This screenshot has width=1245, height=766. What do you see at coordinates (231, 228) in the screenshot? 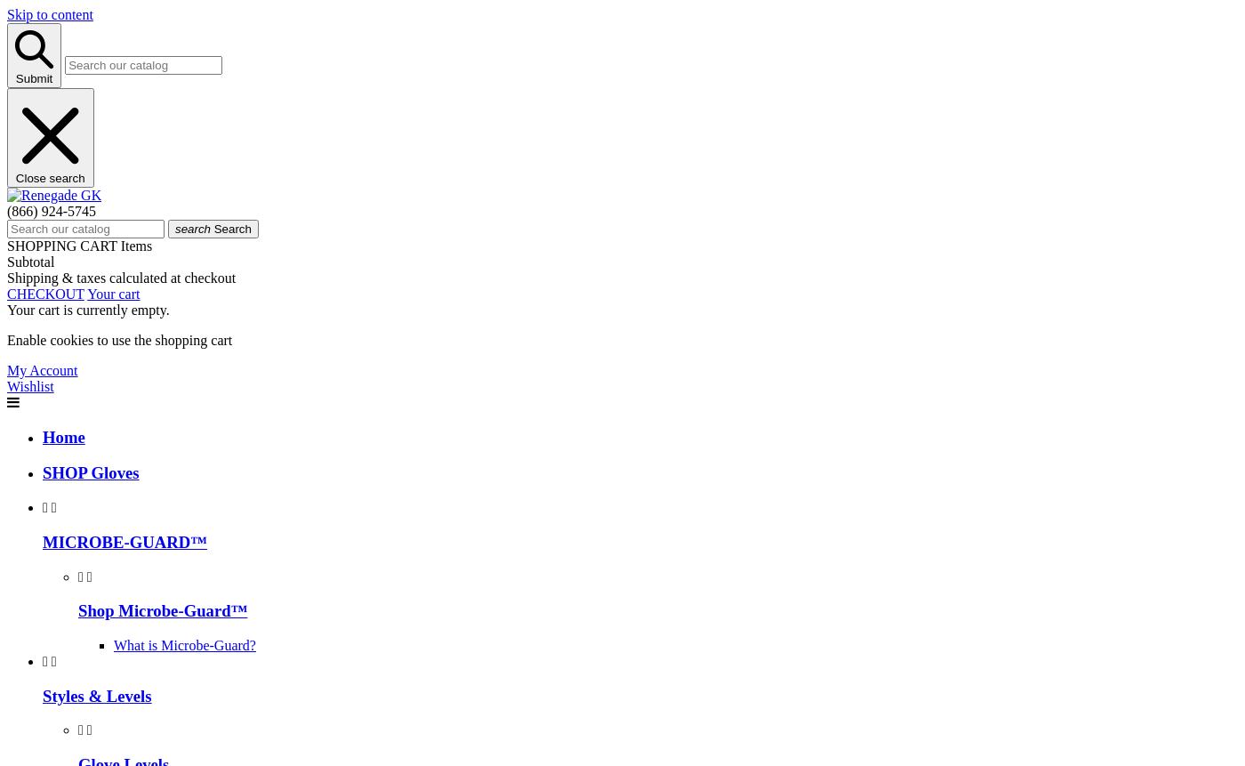
I see `'Search'` at bounding box center [231, 228].